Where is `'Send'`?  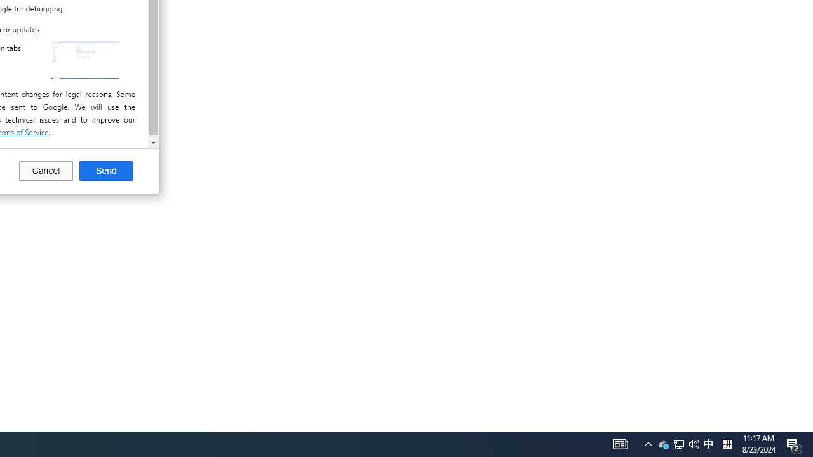
'Send' is located at coordinates (106, 170).